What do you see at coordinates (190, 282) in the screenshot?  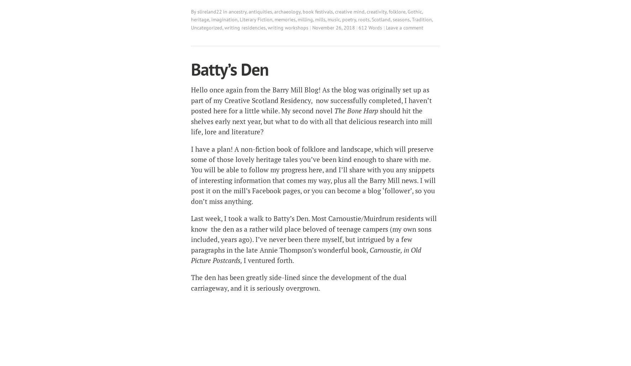 I see `'The den has been greatly side-lined since the development of the dual carriageway, and it is seriously overgrown.'` at bounding box center [190, 282].